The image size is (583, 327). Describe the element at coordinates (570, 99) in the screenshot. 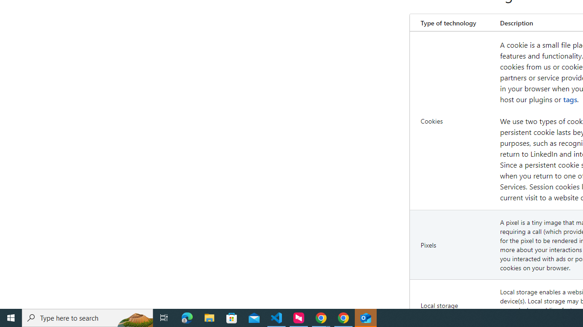

I see `'tags'` at that location.